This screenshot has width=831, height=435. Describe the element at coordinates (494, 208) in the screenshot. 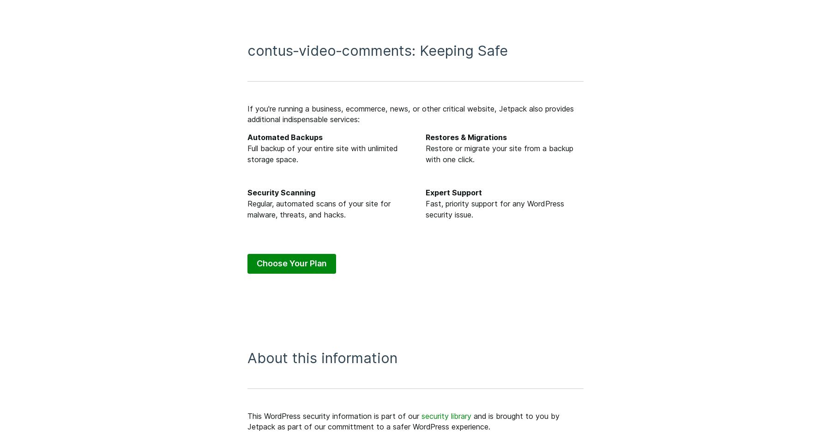

I see `'Fast, priority support for any WordPress security issue.'` at that location.